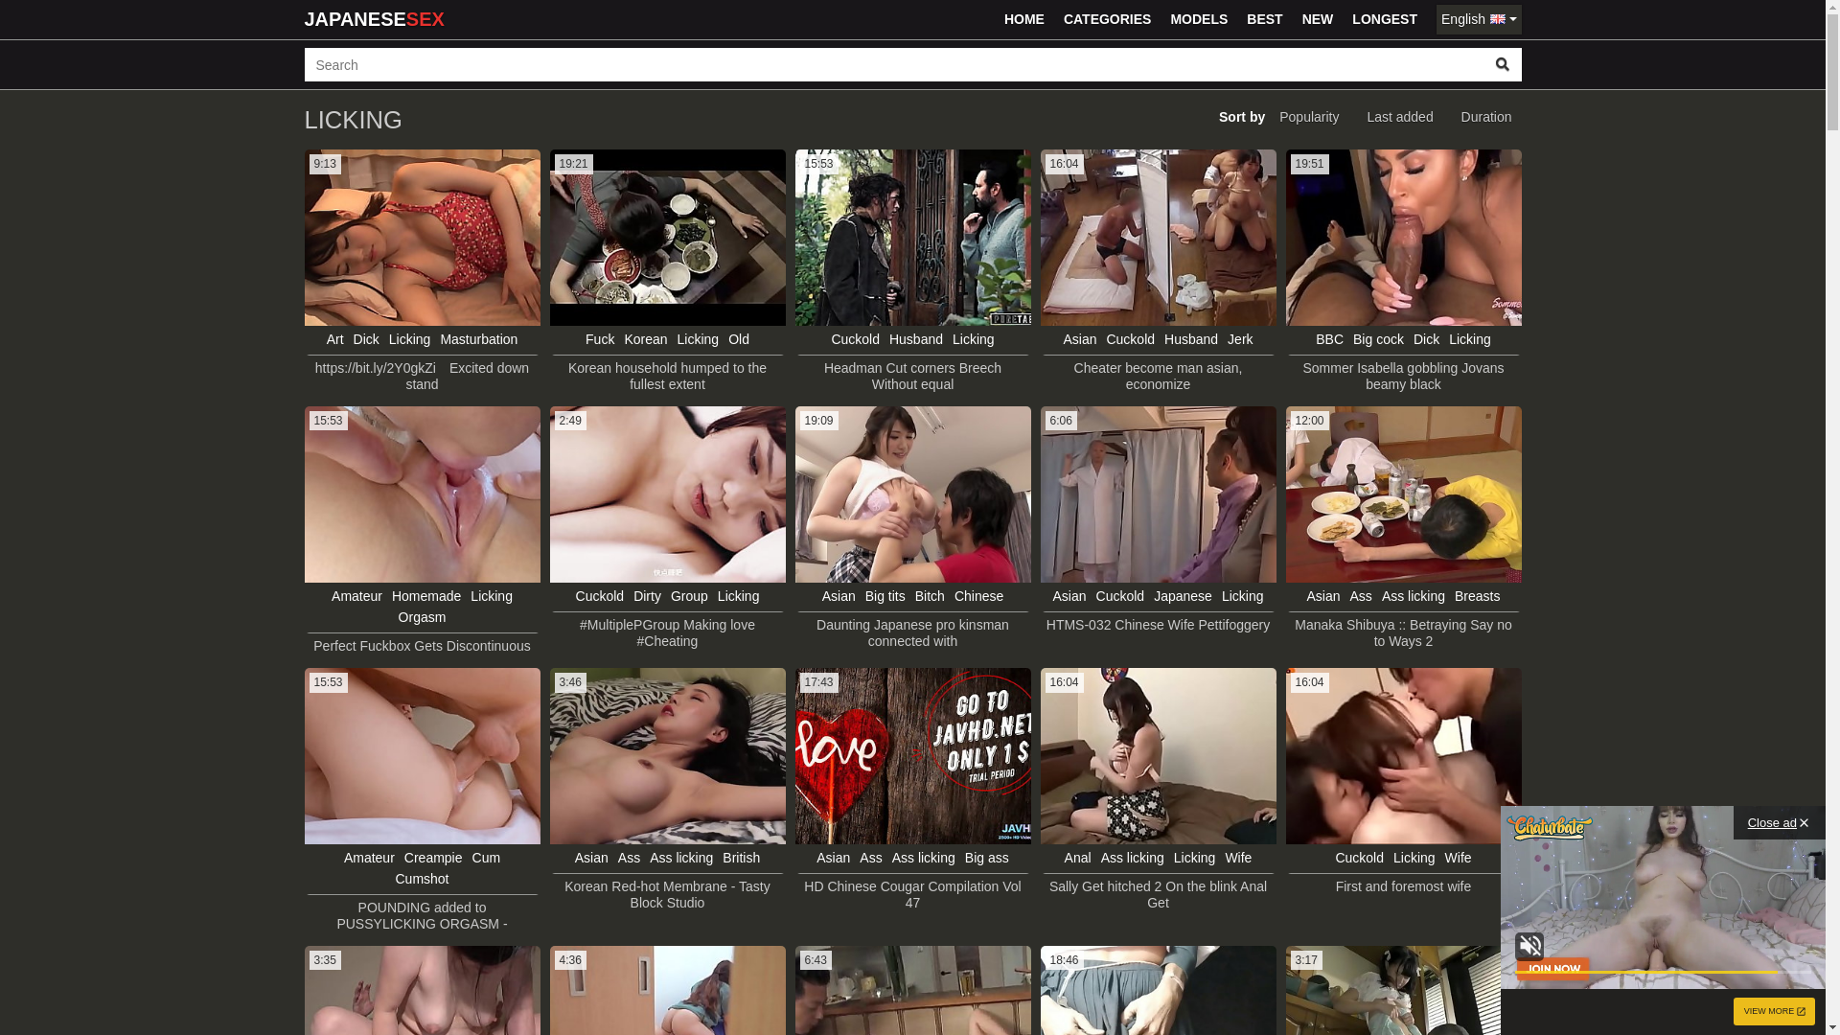  What do you see at coordinates (422, 617) in the screenshot?
I see `'Orgasm'` at bounding box center [422, 617].